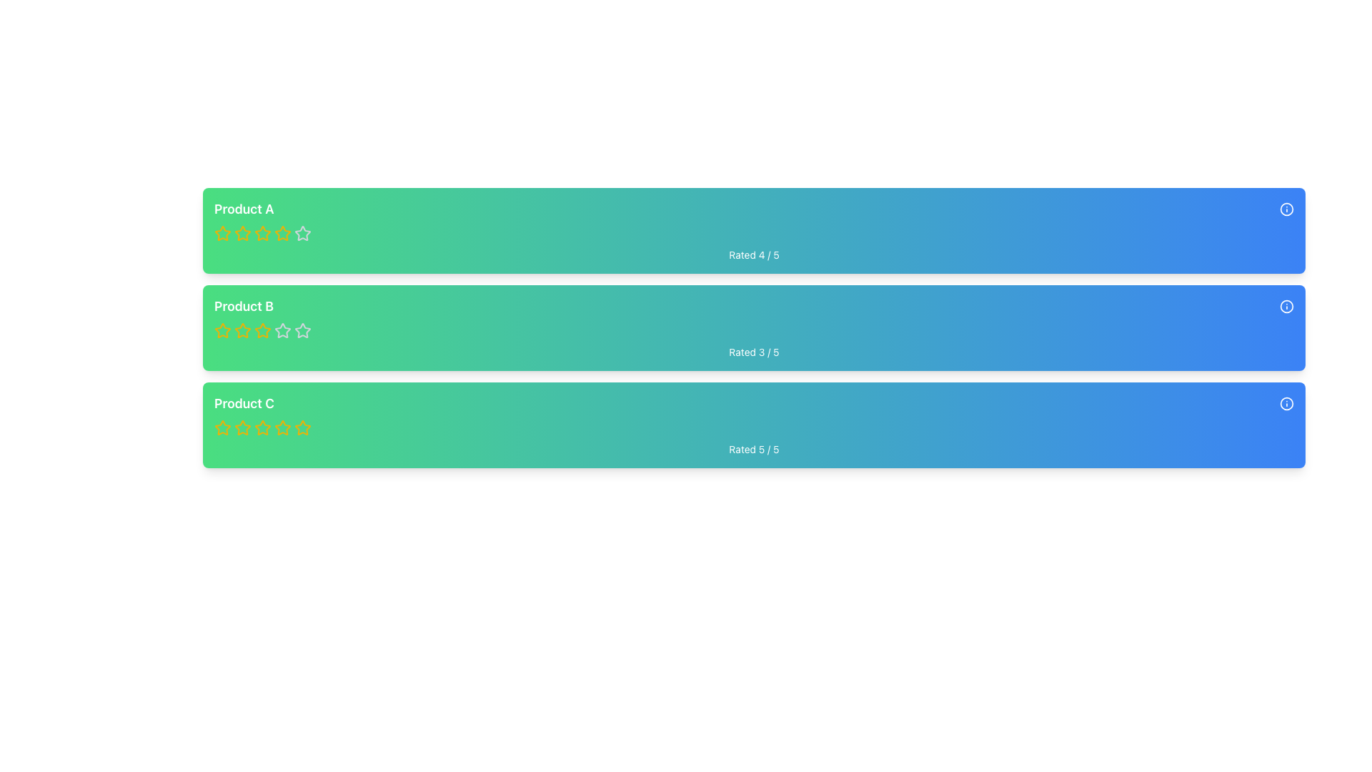 The height and width of the screenshot is (772, 1372). What do you see at coordinates (282, 233) in the screenshot?
I see `the fifth star-shaped icon with a yellow outline in the rating section for 'Product A' to interact with it` at bounding box center [282, 233].